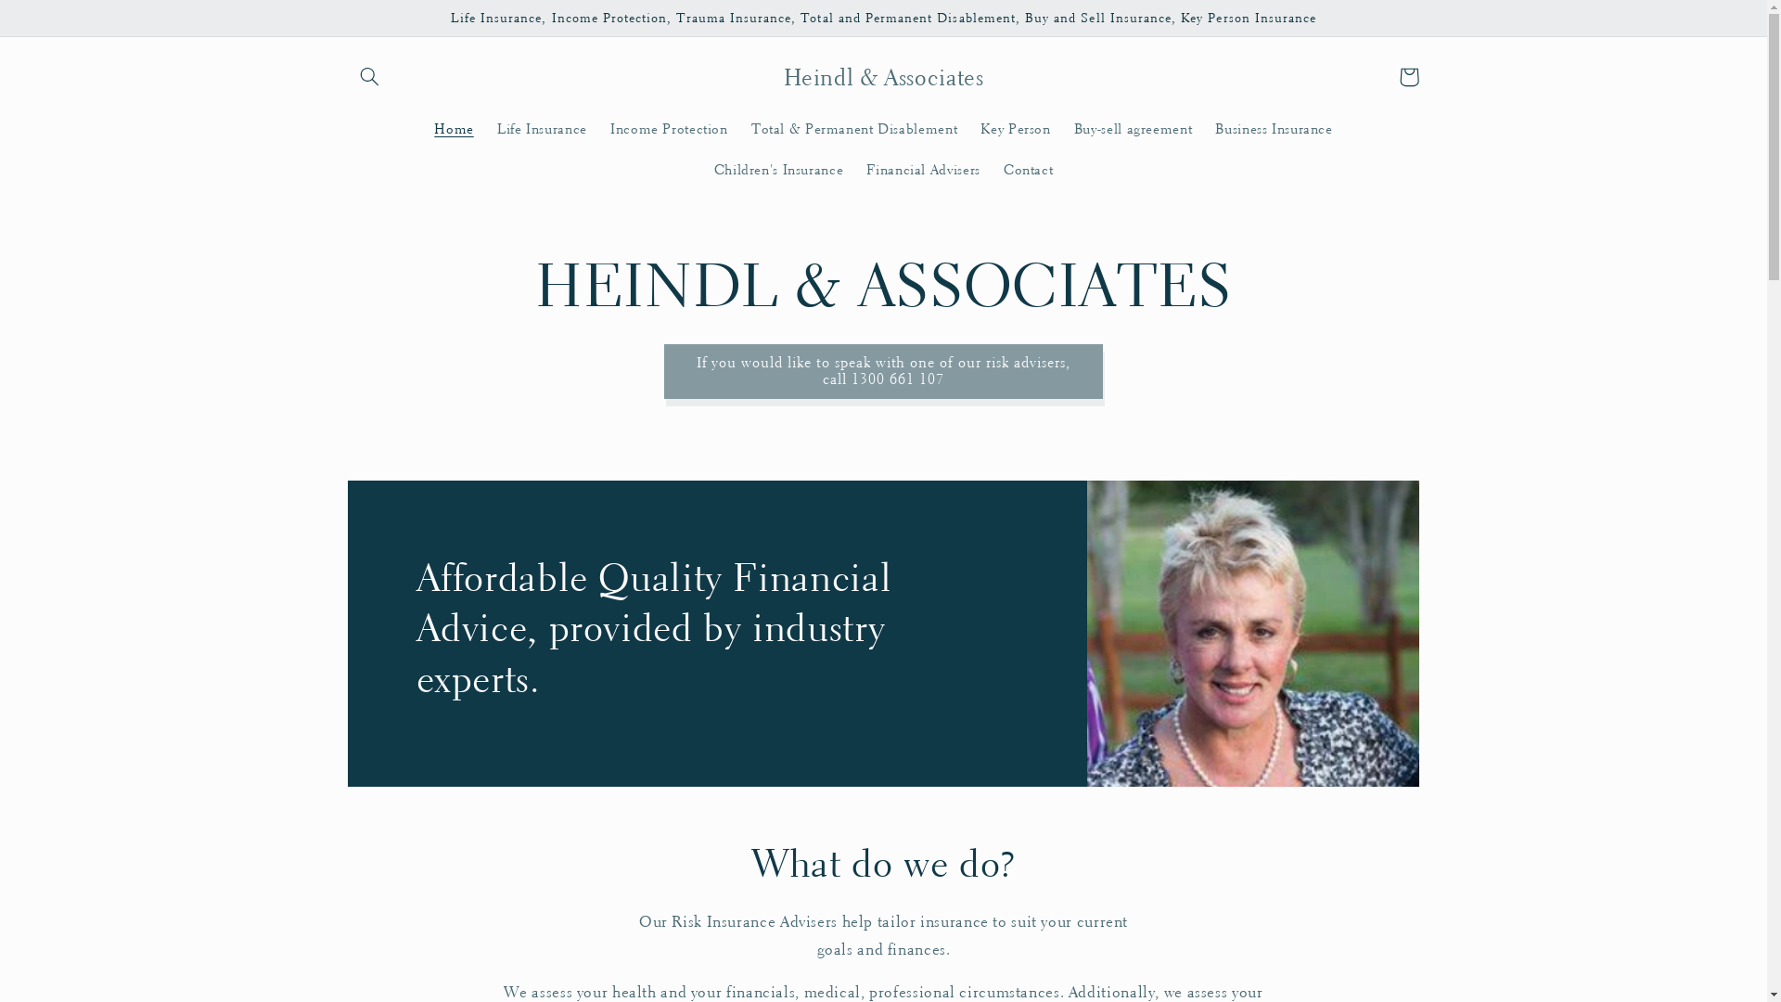 This screenshot has height=1002, width=1781. I want to click on 'Contact', so click(1027, 169).